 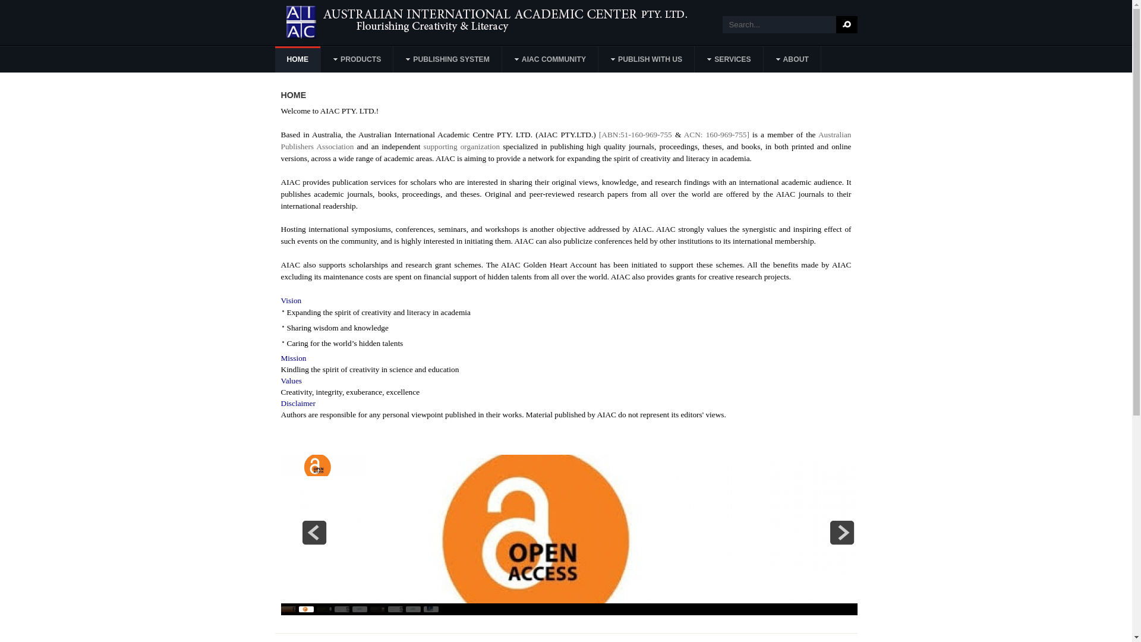 I want to click on 'ABOUT', so click(x=764, y=59).